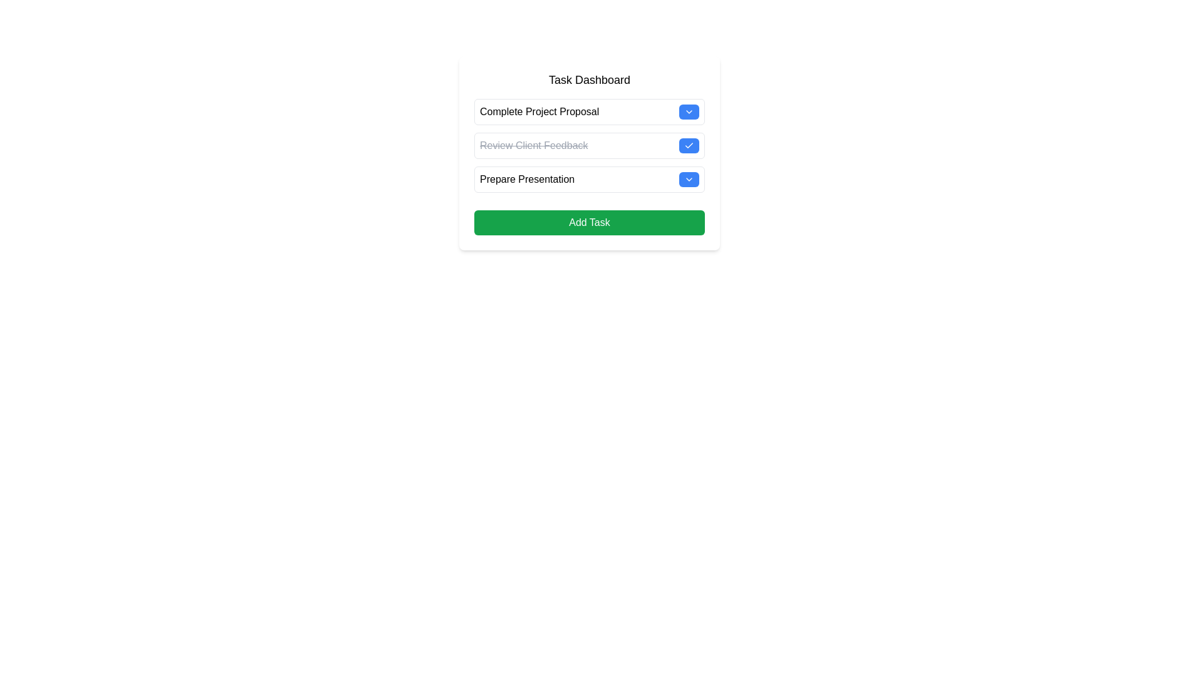 Image resolution: width=1203 pixels, height=676 pixels. What do you see at coordinates (588, 145) in the screenshot?
I see `the completed task item in the task management interface, which is the second item in the list with a blue checkmark indicating its completion status` at bounding box center [588, 145].